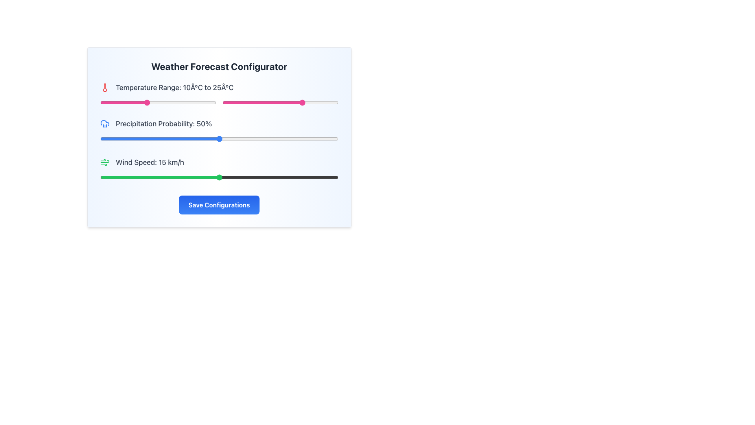  Describe the element at coordinates (219, 204) in the screenshot. I see `the 'Save Configurations' button, which is a horizontally oriented rectangular button with bold white text on a blue gradient background` at that location.